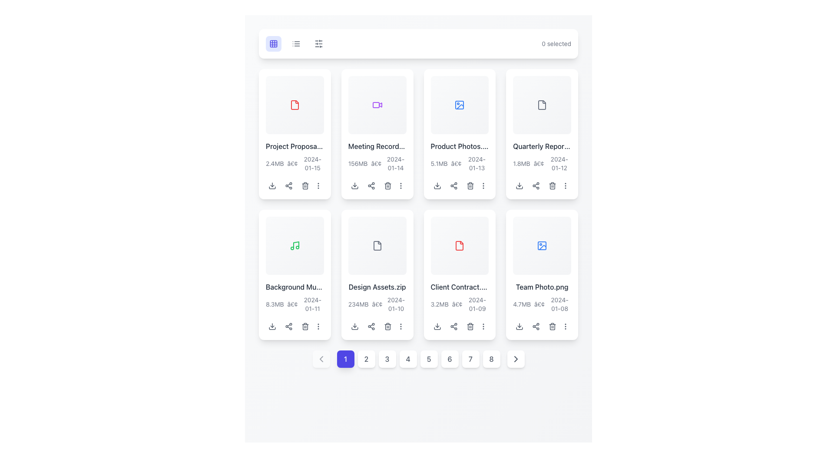 Image resolution: width=834 pixels, height=469 pixels. What do you see at coordinates (520, 326) in the screenshot?
I see `the leftmost 'download' button with an icon located at the bottom of the card labeled 'Team Photo.png'` at bounding box center [520, 326].